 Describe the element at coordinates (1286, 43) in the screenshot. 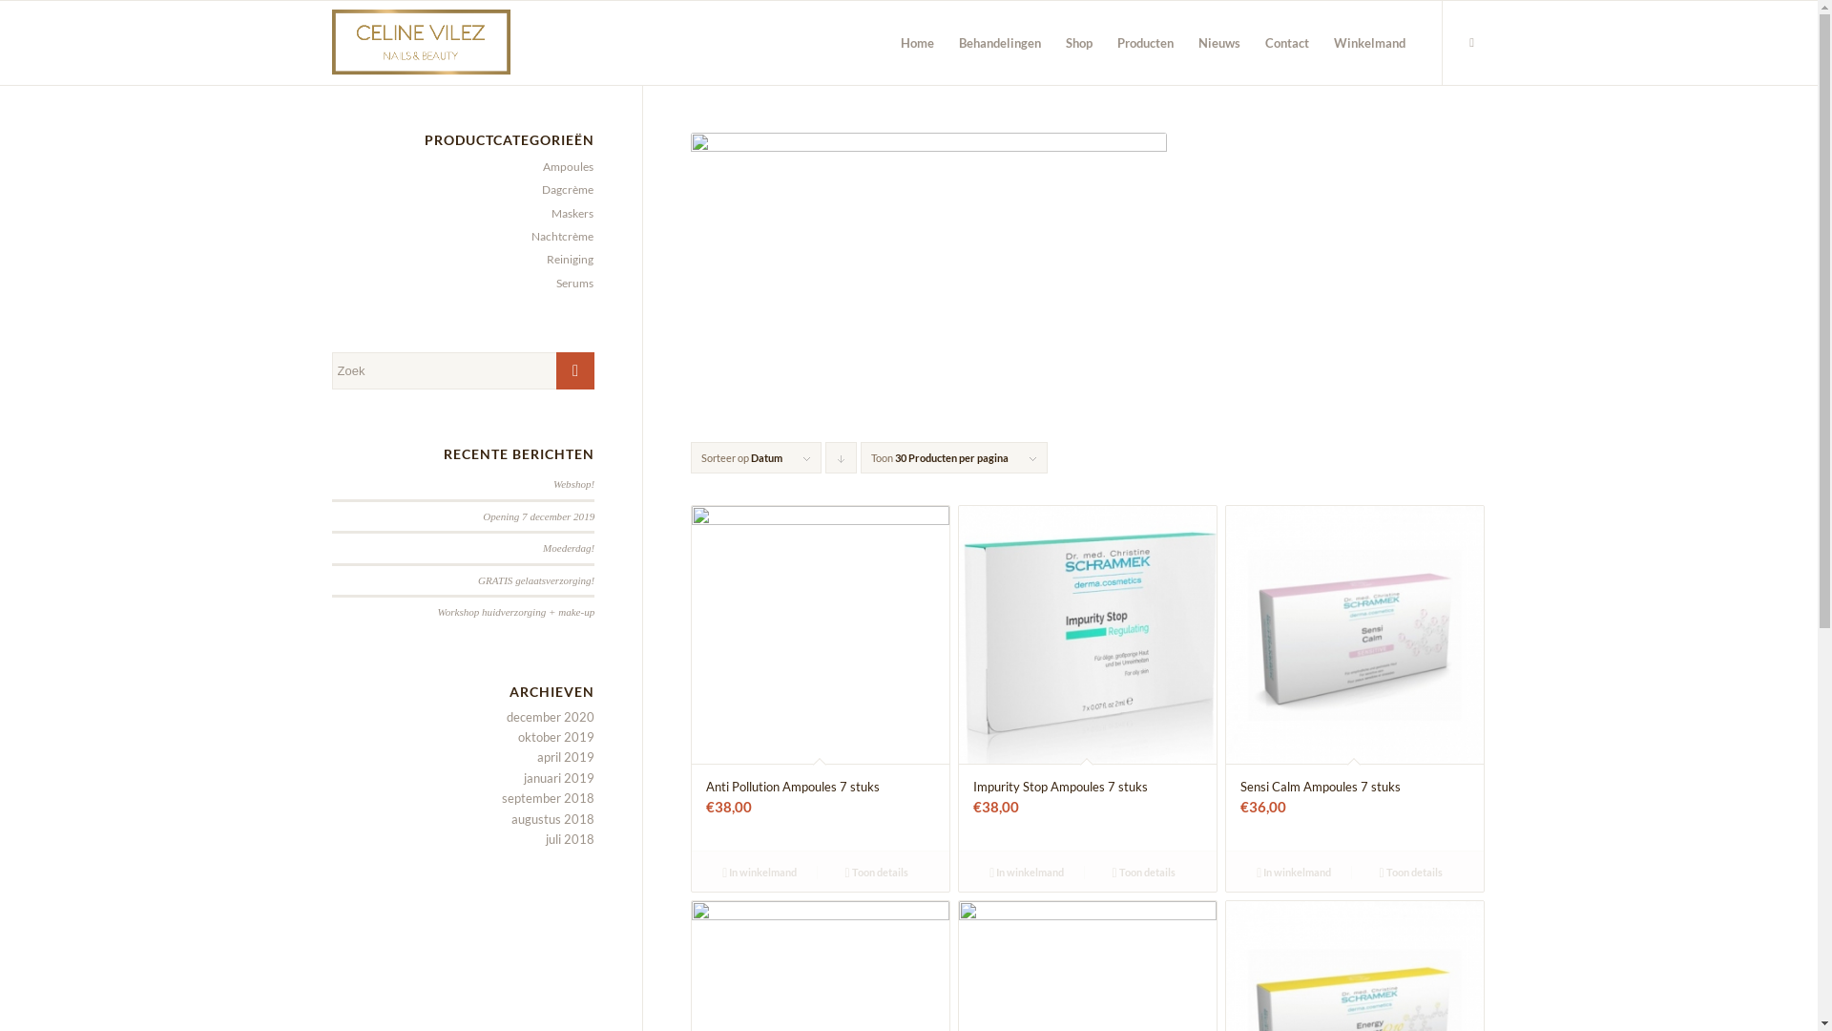

I see `'Contact'` at that location.